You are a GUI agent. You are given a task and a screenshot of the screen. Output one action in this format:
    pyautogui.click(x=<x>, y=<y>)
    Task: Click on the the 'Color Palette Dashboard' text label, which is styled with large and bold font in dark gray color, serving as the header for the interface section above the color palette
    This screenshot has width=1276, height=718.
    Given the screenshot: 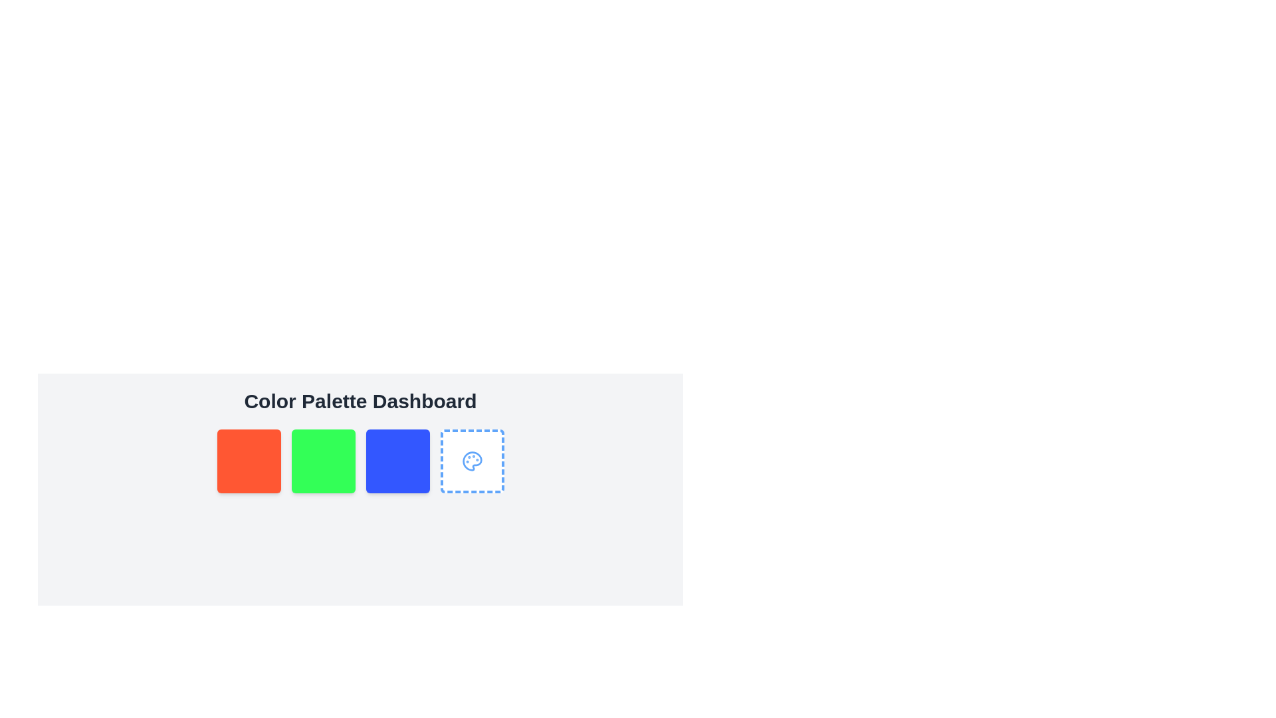 What is the action you would take?
    pyautogui.click(x=360, y=401)
    